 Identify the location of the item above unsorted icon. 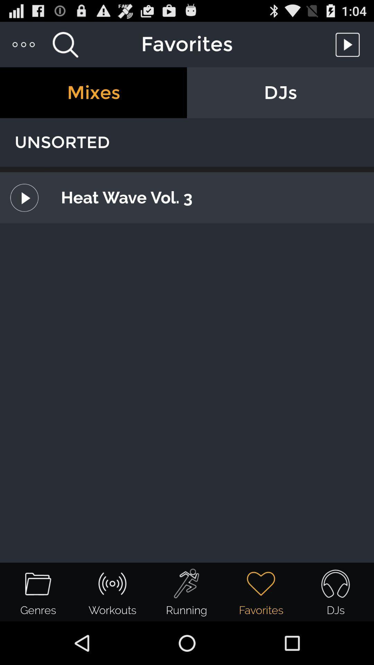
(93, 92).